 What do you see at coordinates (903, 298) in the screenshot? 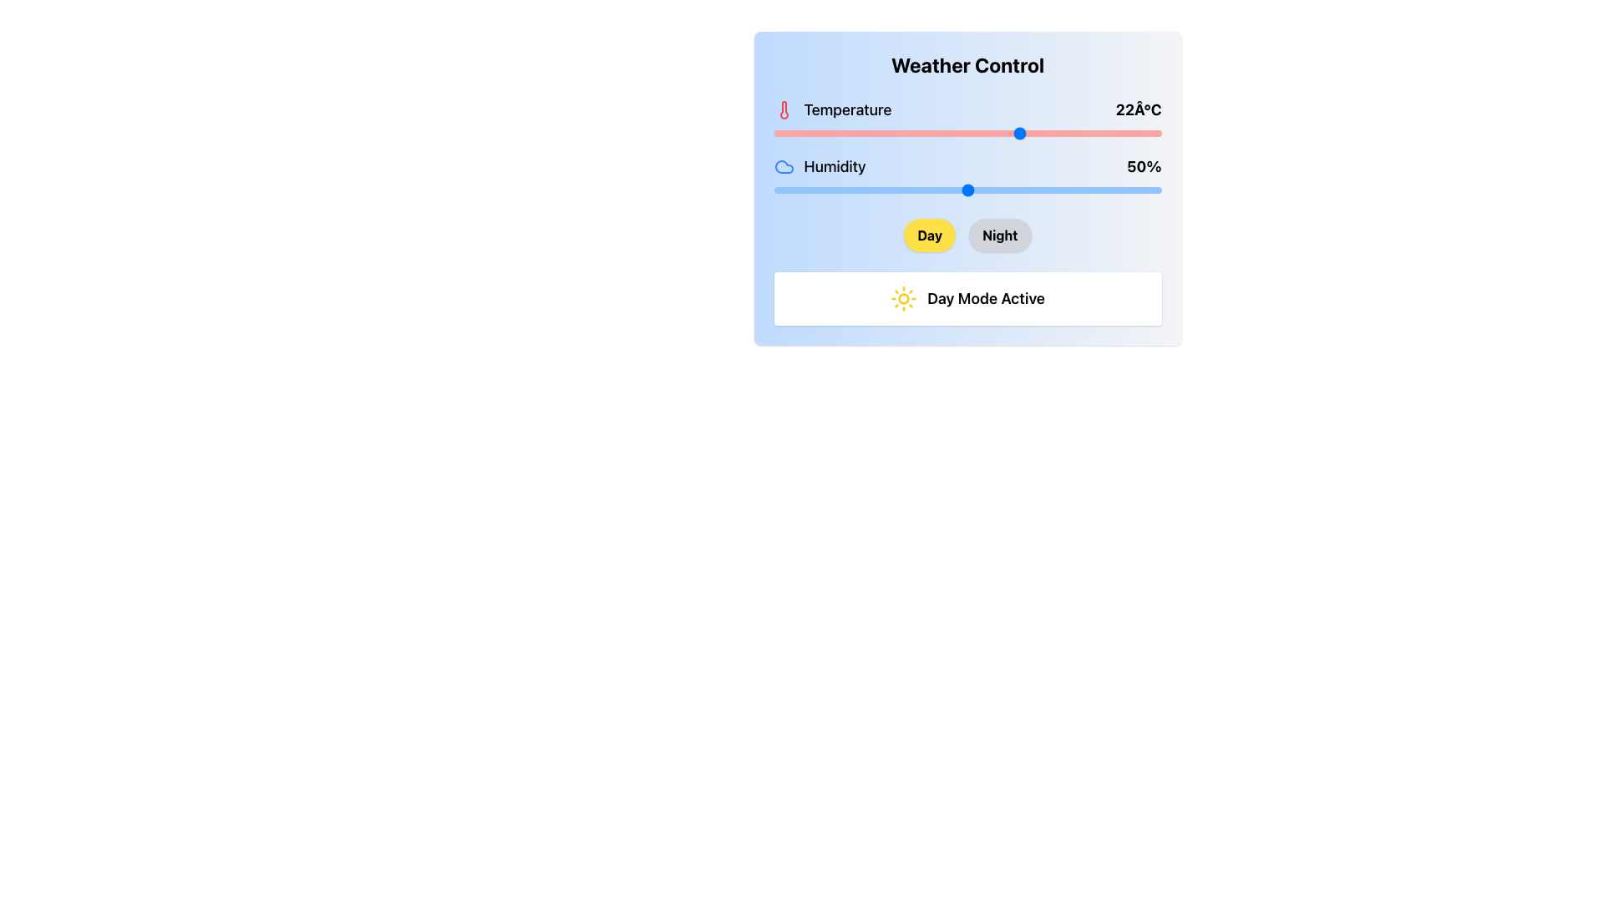
I see `the sun icon component that represents day mode activation, located beside the text 'Day Mode Active' in the 'Weather Control' panel` at bounding box center [903, 298].